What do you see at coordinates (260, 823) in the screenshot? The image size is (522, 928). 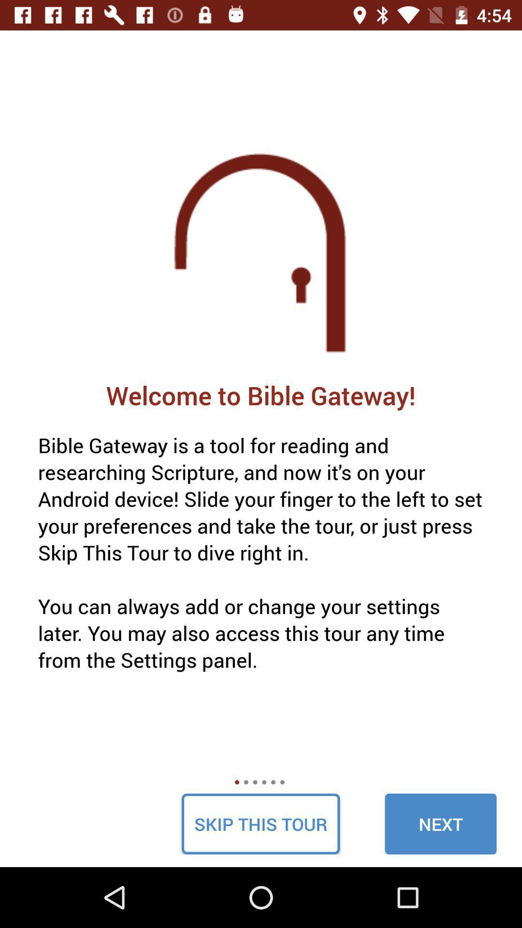 I see `the icon next to next` at bounding box center [260, 823].